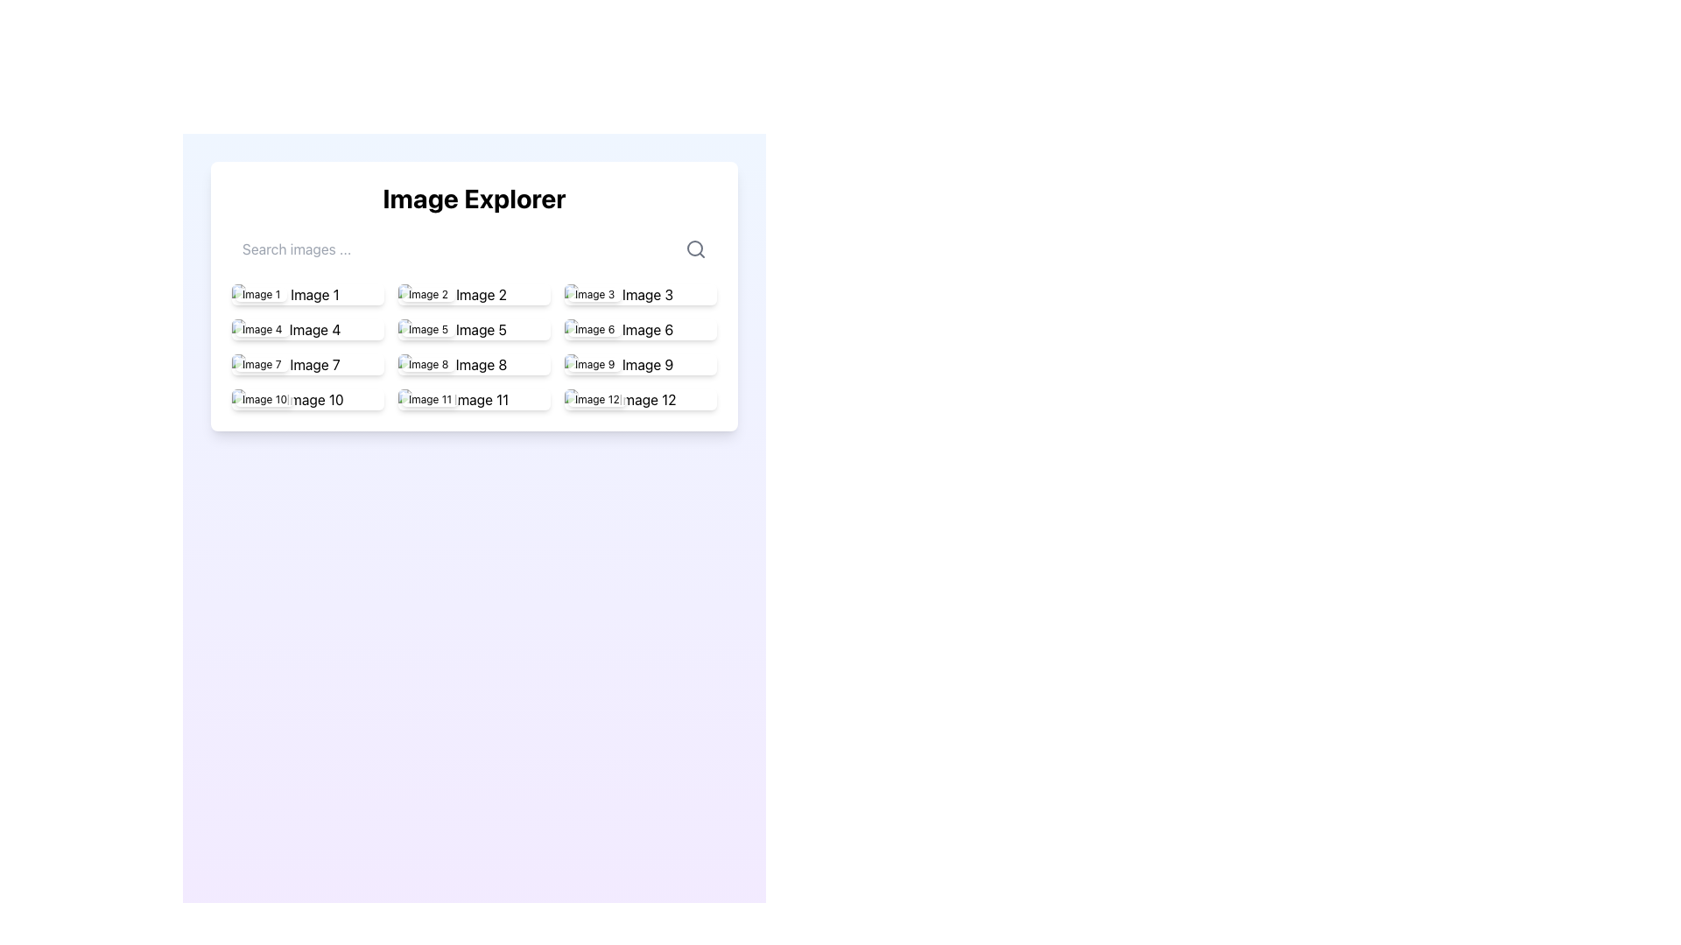  What do you see at coordinates (594, 330) in the screenshot?
I see `the text label displaying 'Image 6', which is located at the bottom left corner of the image in the second row and third column of the grid layout` at bounding box center [594, 330].